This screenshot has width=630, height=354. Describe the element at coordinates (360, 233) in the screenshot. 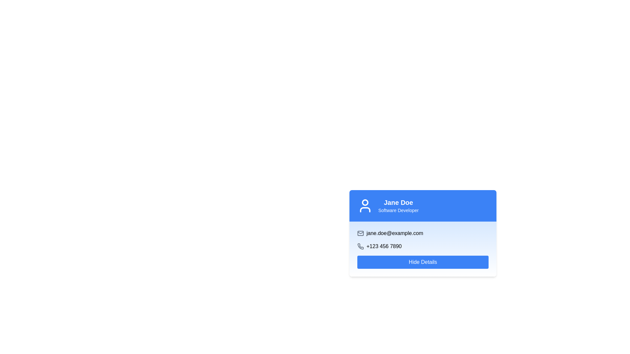

I see `the decorative icon located to the left of the email text 'jane.doe@example.com' in the contact information section` at that location.